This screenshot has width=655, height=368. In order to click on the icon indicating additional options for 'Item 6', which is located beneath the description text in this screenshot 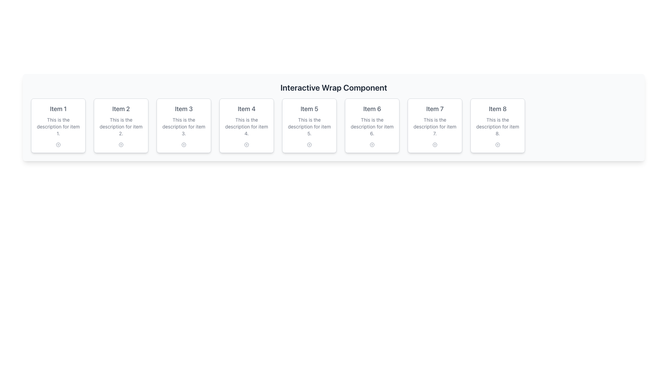, I will do `click(372, 144)`.